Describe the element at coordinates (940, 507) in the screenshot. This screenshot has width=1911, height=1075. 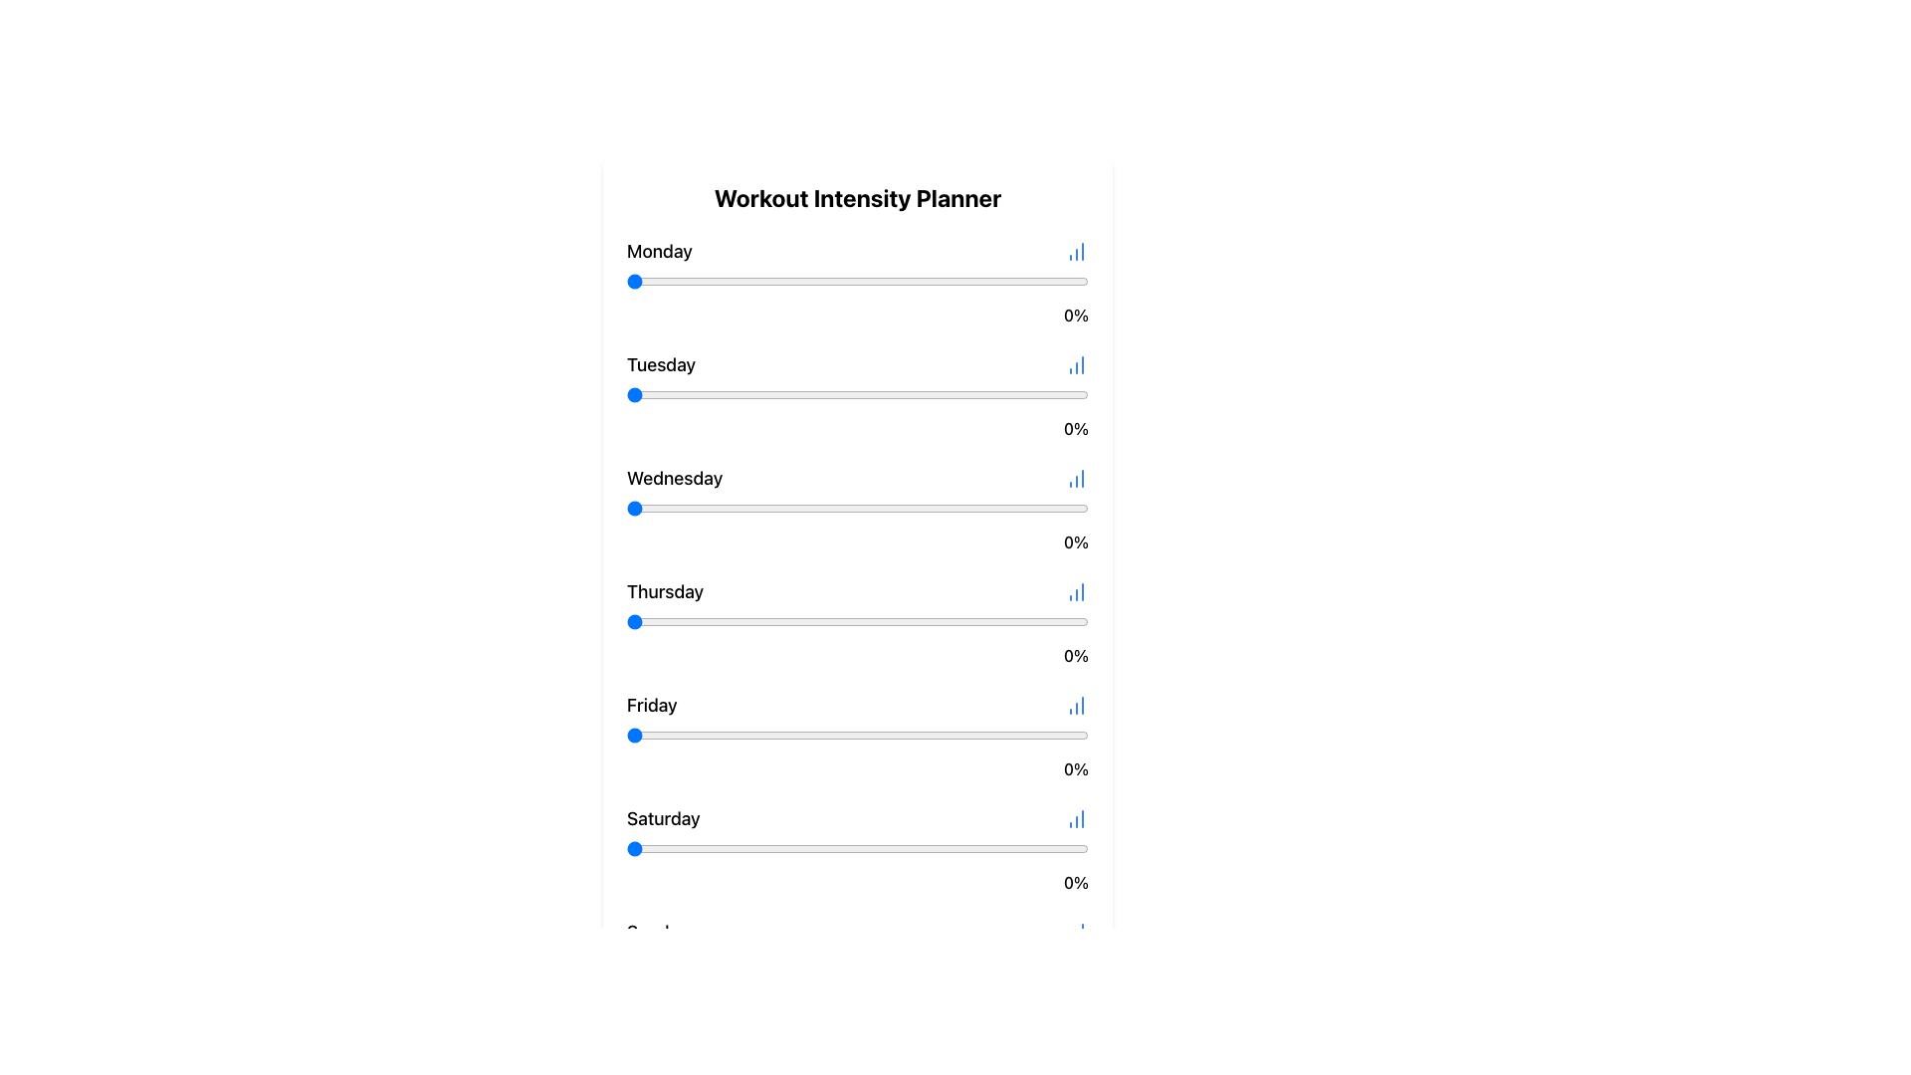
I see `the Wednesday workout intensity` at that location.